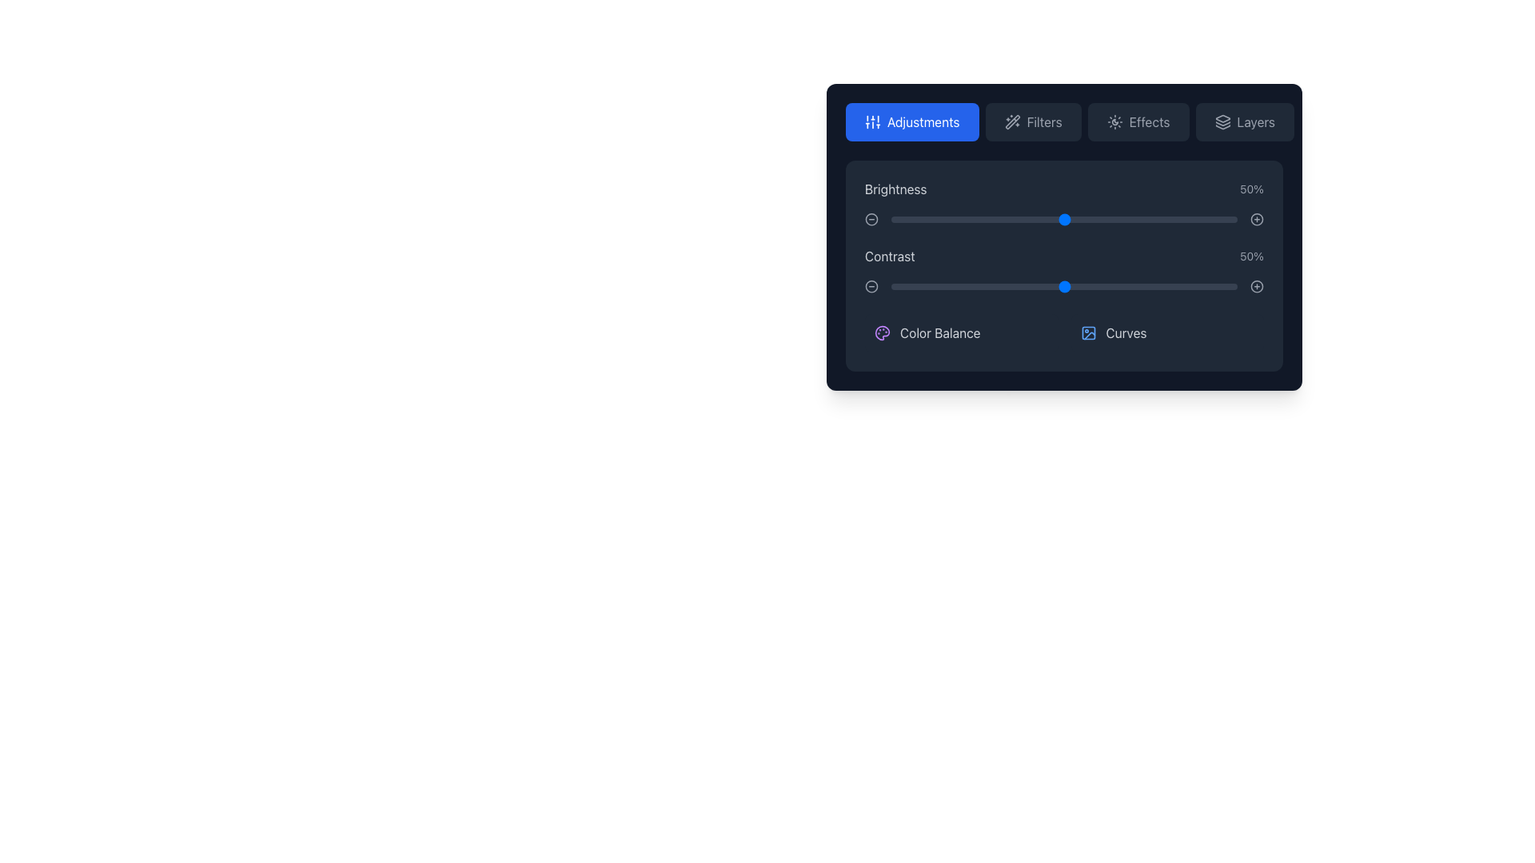 The image size is (1535, 863). Describe the element at coordinates (1087, 332) in the screenshot. I see `the 'Curves' icon located to the left of the text 'Curves' in the bottom row of items in the detailed menu card under 'Adjustments'` at that location.